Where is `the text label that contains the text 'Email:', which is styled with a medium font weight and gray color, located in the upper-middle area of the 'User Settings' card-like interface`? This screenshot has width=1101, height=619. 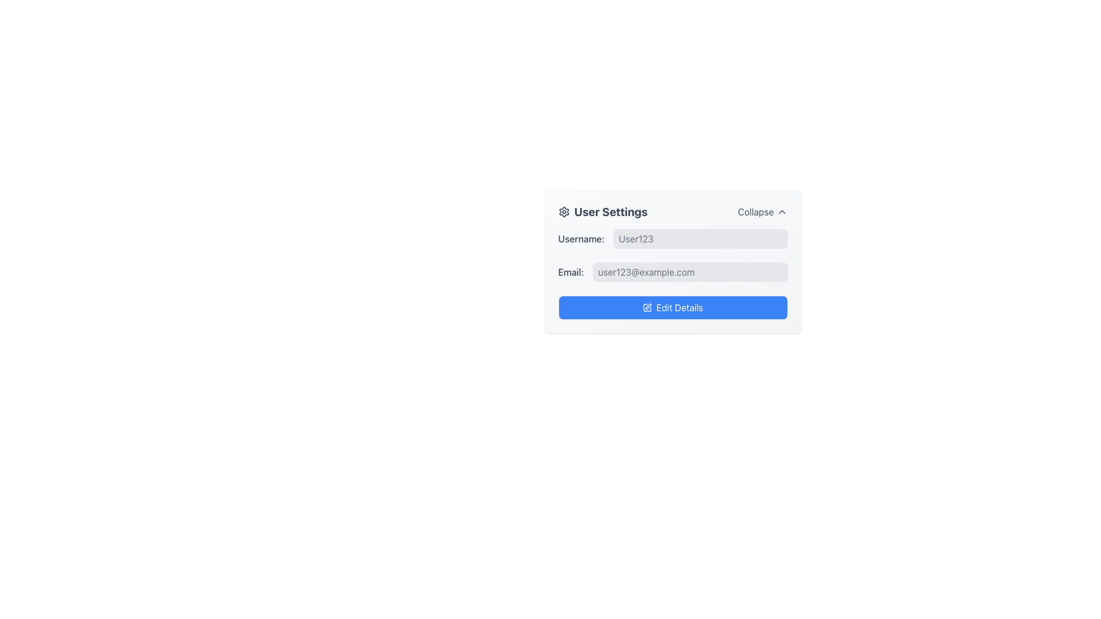
the text label that contains the text 'Email:', which is styled with a medium font weight and gray color, located in the upper-middle area of the 'User Settings' card-like interface is located at coordinates (571, 272).